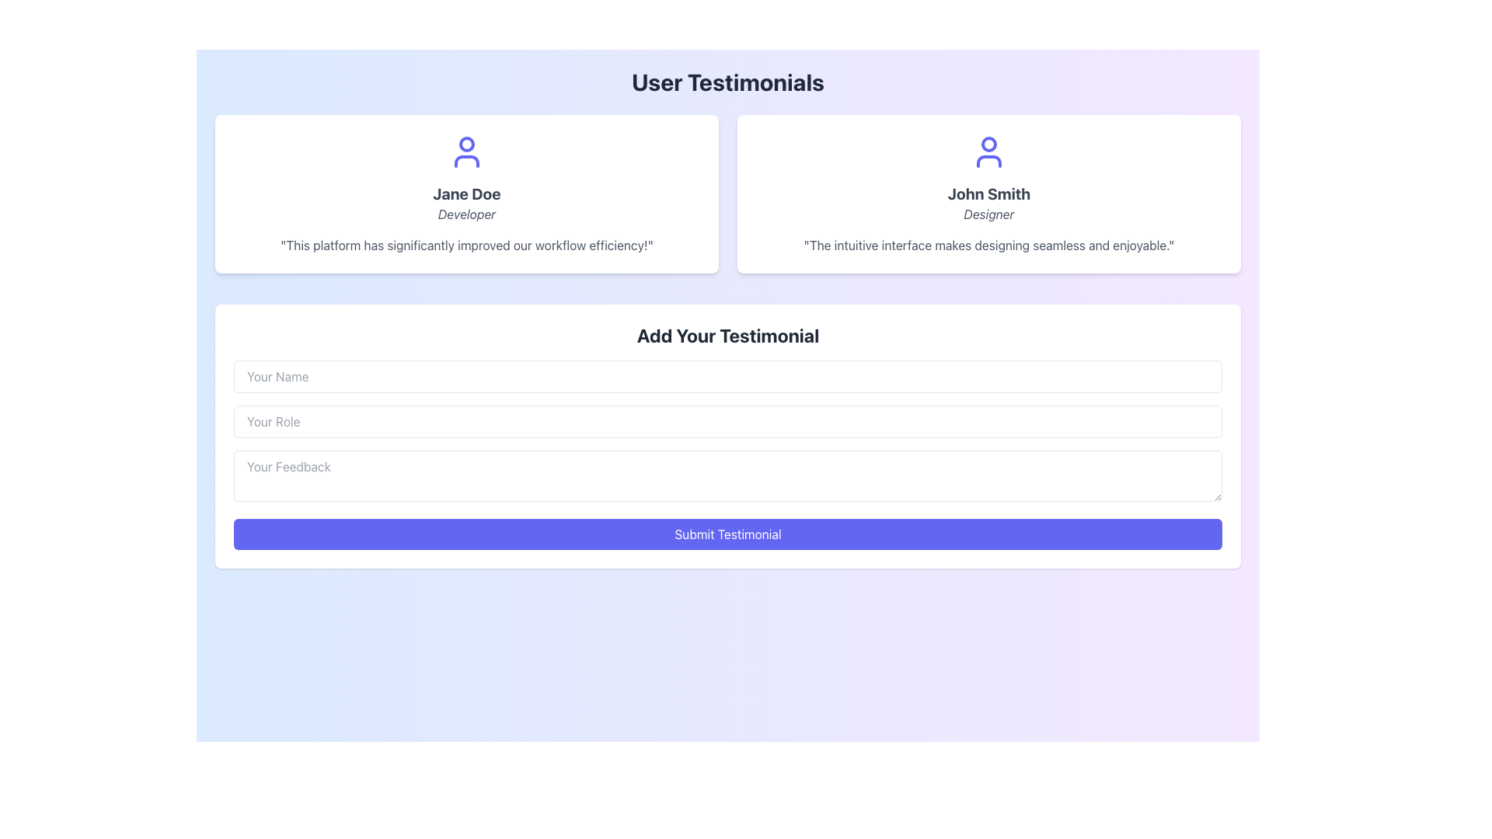 The image size is (1492, 839). What do you see at coordinates (465, 144) in the screenshot?
I see `the circular icon representing the profile picture placeholder located near the top of the 'Jane Doe Developer' card in the 'User Testimonials' section` at bounding box center [465, 144].